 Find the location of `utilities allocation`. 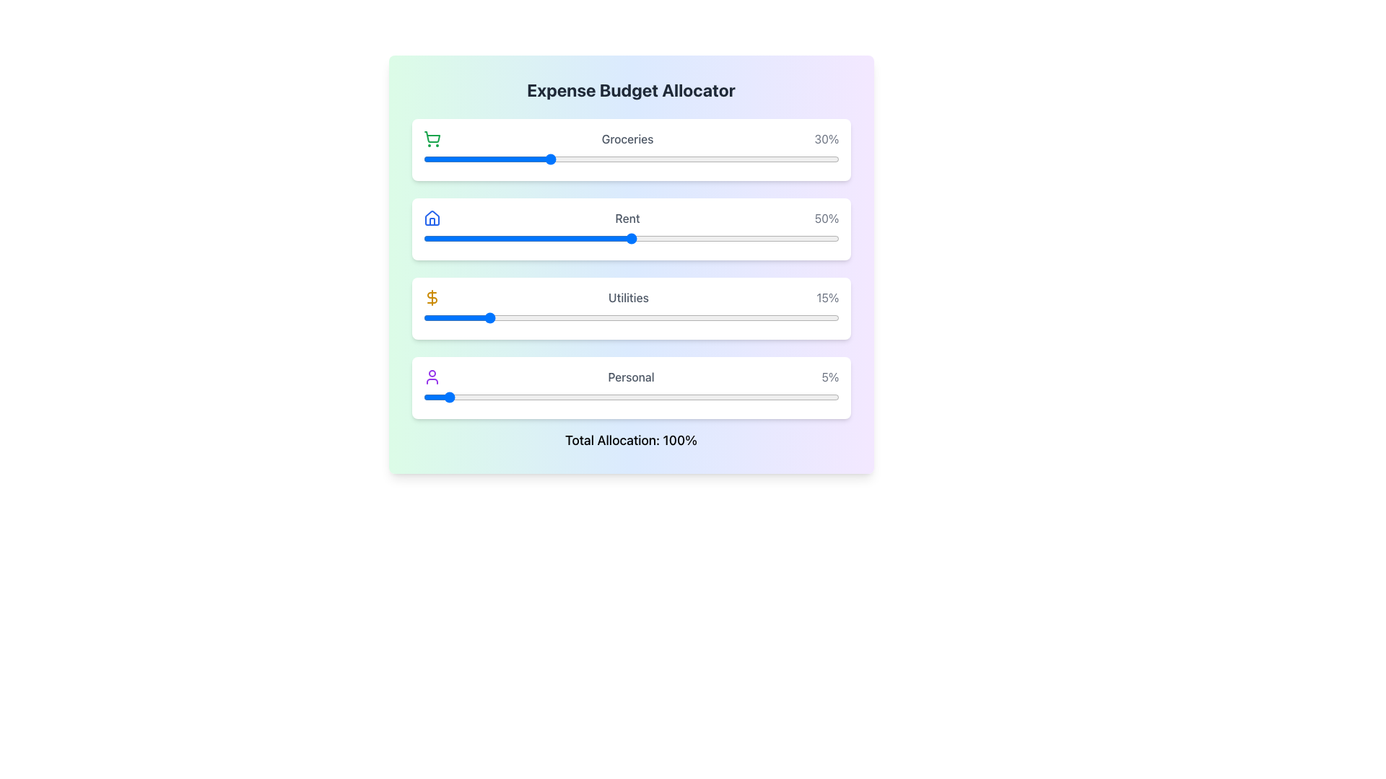

utilities allocation is located at coordinates (631, 317).